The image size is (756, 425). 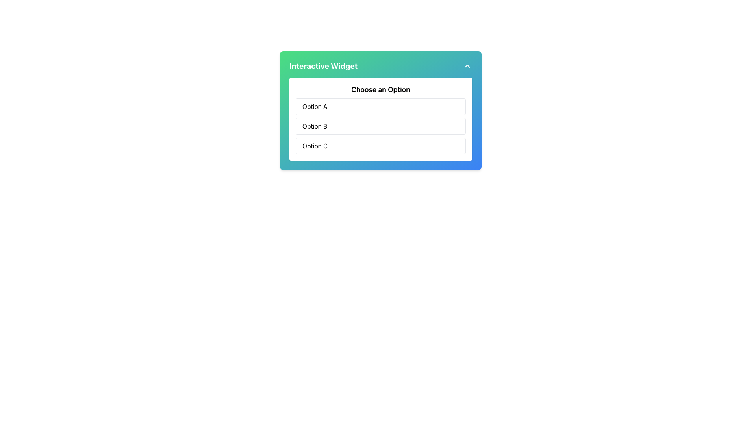 I want to click on the 'Interactive Widget', so click(x=380, y=111).